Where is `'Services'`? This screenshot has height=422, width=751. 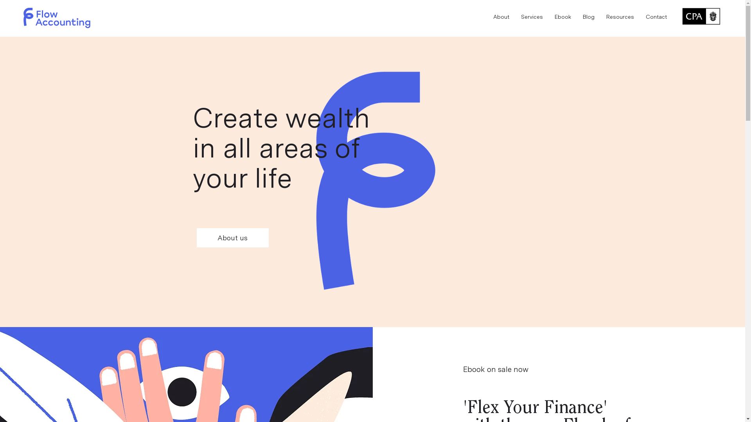
'Services' is located at coordinates (532, 17).